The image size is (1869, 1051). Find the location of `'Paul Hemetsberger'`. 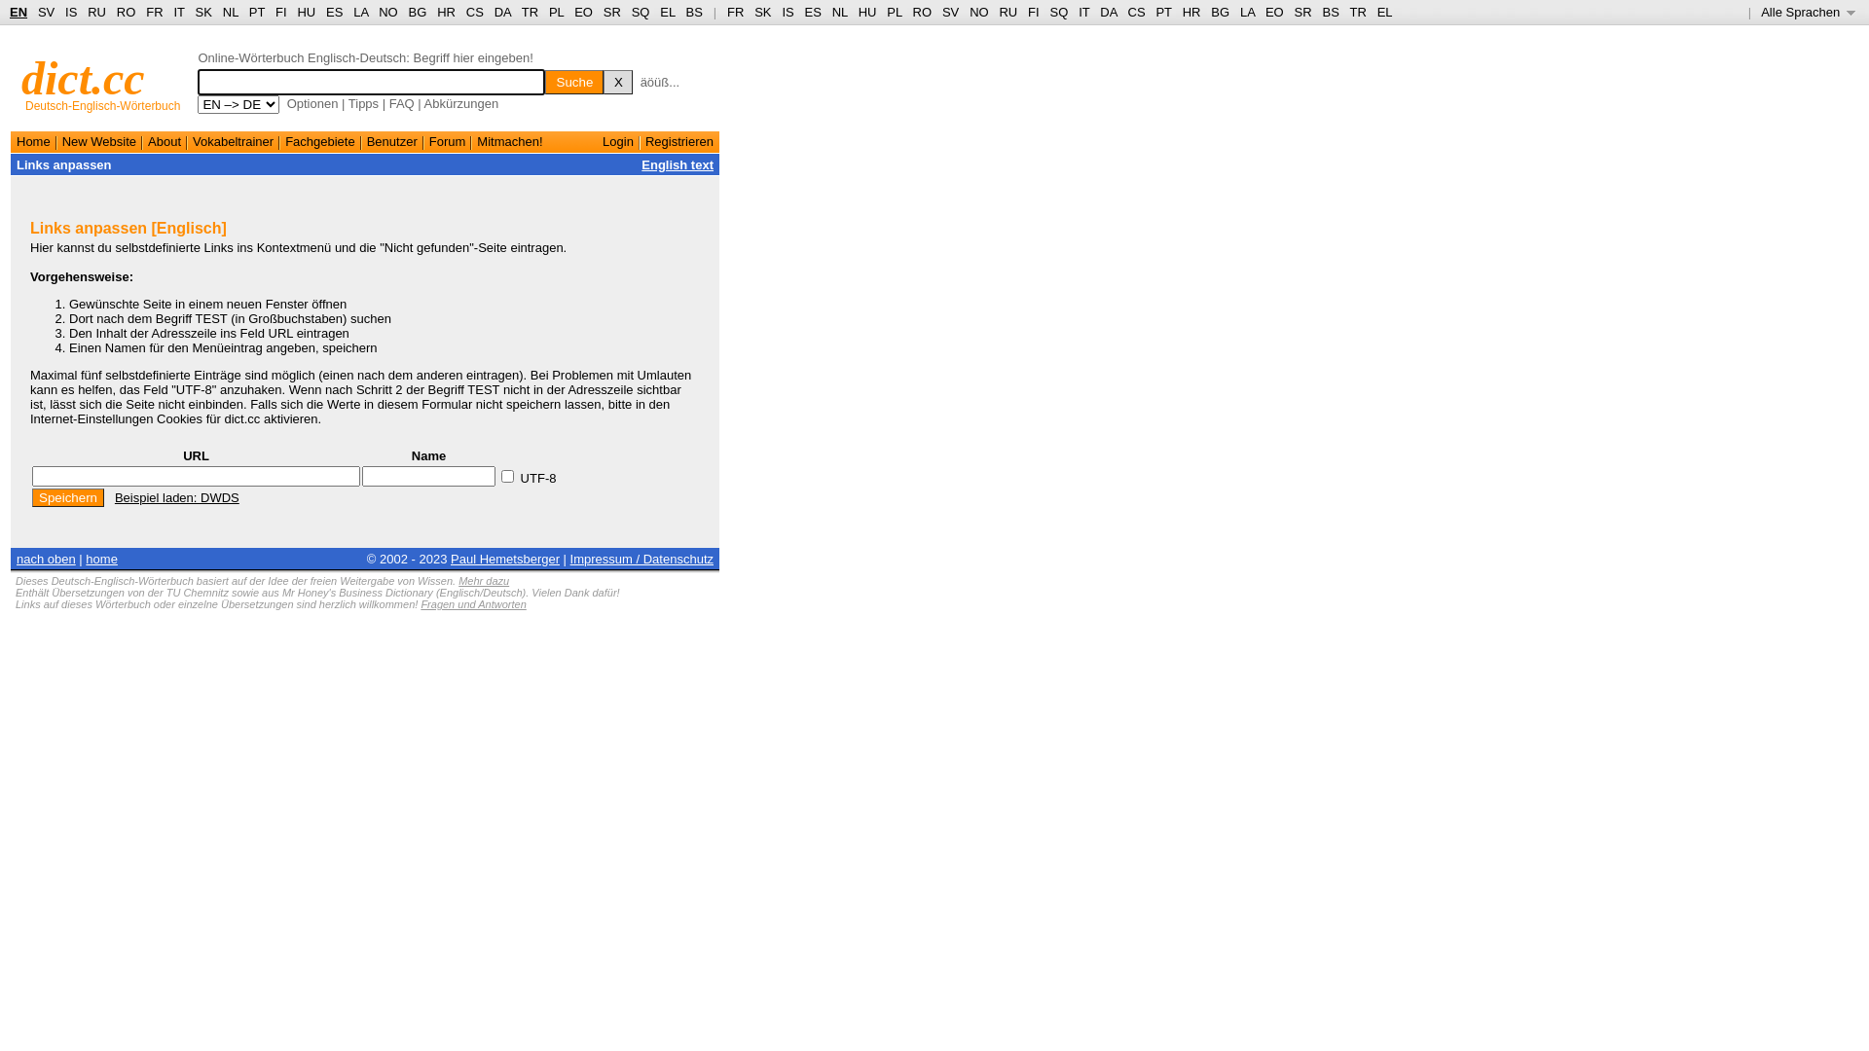

'Paul Hemetsberger' is located at coordinates (504, 558).